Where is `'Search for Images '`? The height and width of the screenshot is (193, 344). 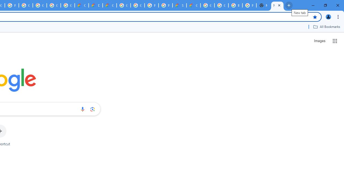
'Search for Images ' is located at coordinates (320, 41).